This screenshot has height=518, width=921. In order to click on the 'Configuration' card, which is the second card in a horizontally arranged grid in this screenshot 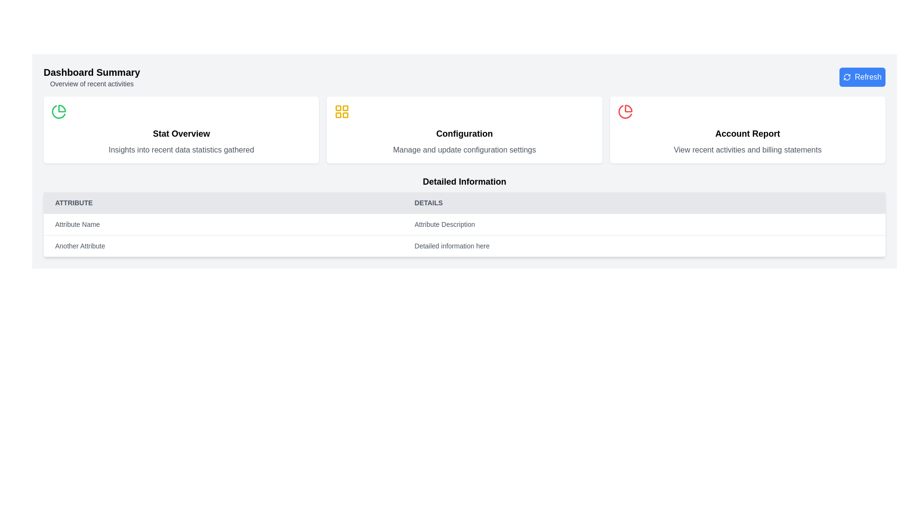, I will do `click(464, 129)`.